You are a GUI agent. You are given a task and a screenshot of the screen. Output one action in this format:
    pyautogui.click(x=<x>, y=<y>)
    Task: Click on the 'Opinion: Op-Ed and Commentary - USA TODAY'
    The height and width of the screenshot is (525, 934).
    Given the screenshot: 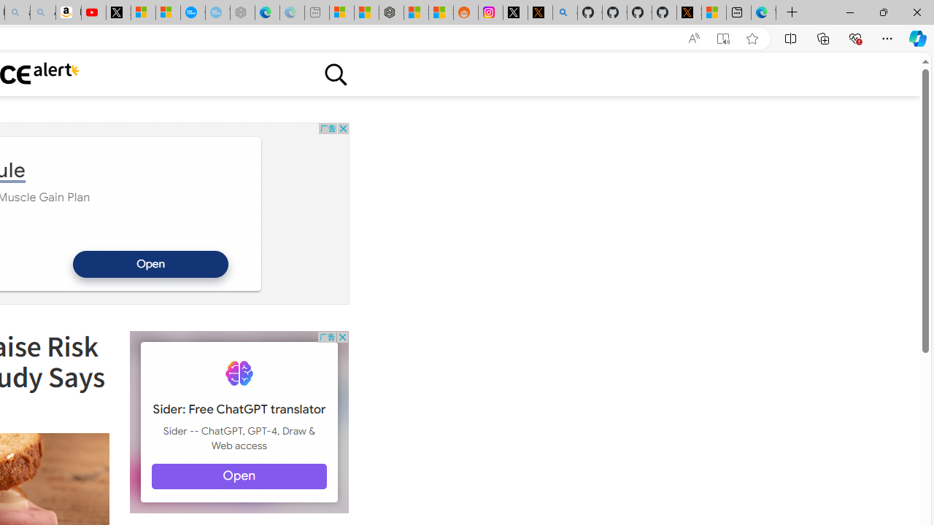 What is the action you would take?
    pyautogui.click(x=192, y=12)
    